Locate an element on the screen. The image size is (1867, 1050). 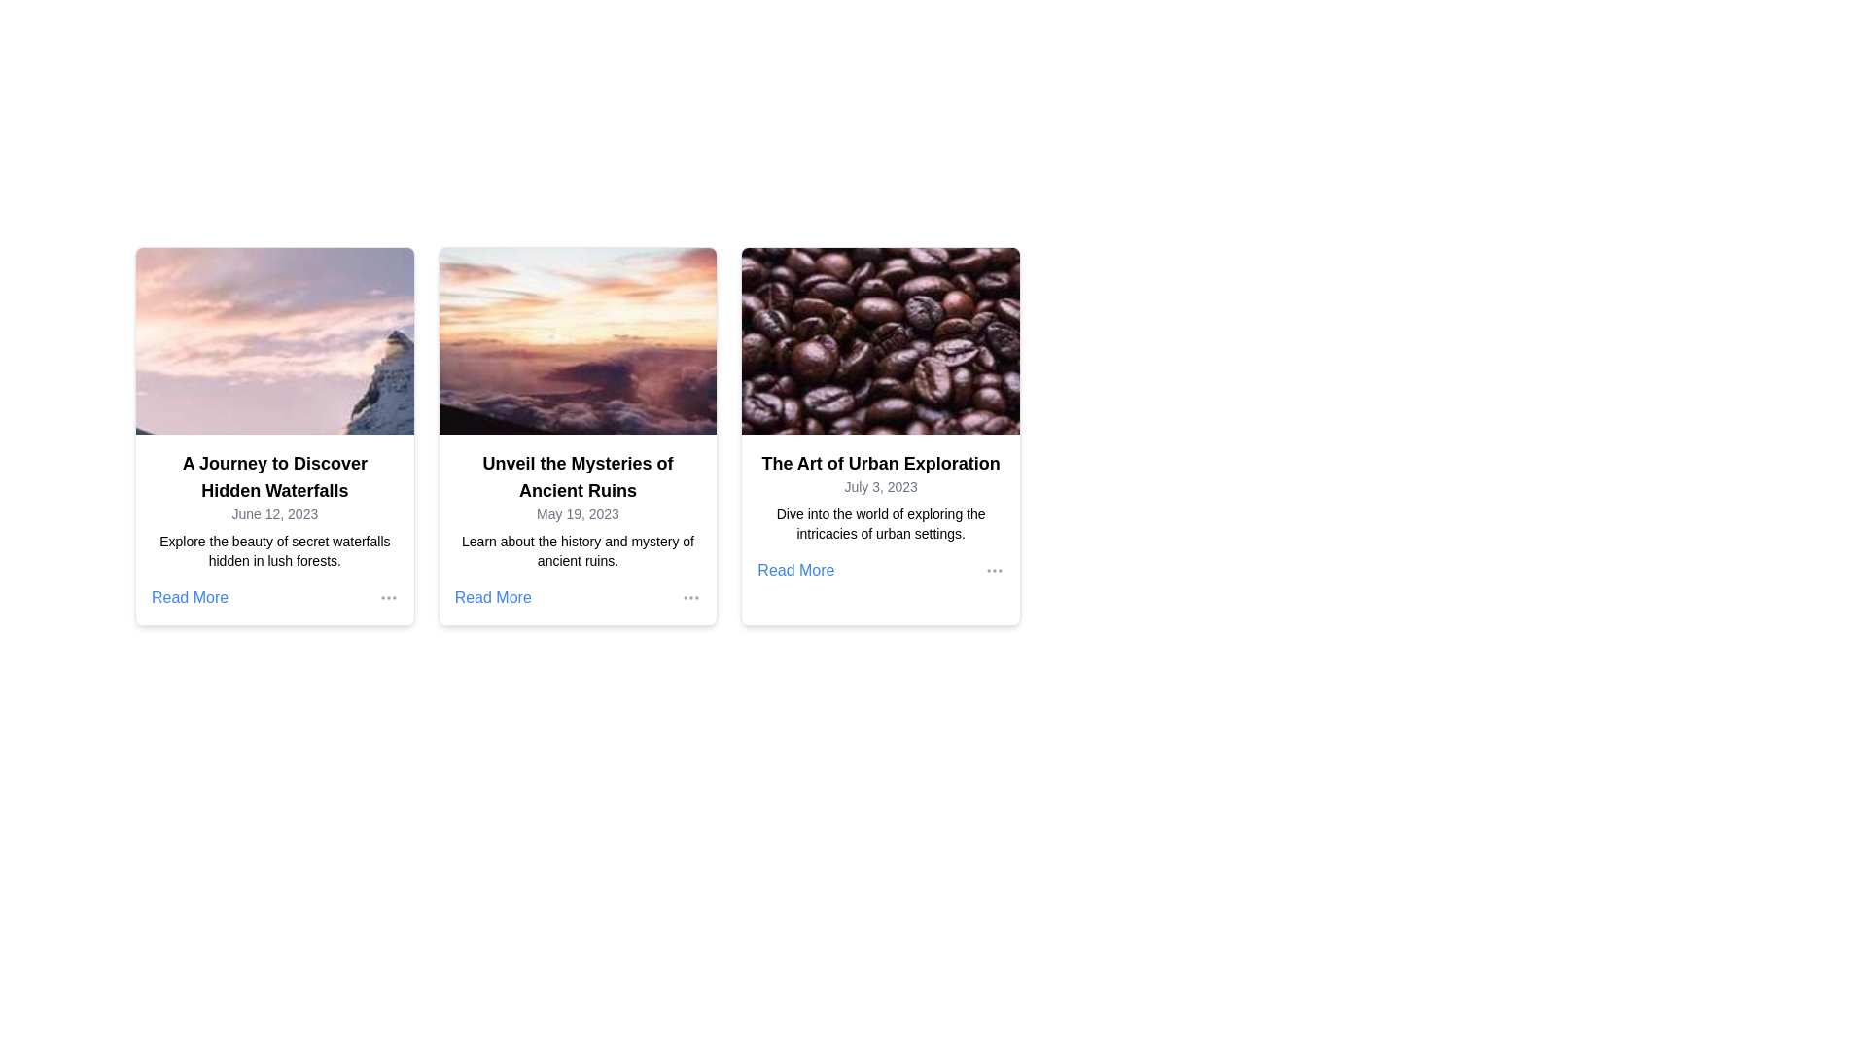
the header text element located at the top of the first card, which serves as the main title for the related content is located at coordinates (273, 476).